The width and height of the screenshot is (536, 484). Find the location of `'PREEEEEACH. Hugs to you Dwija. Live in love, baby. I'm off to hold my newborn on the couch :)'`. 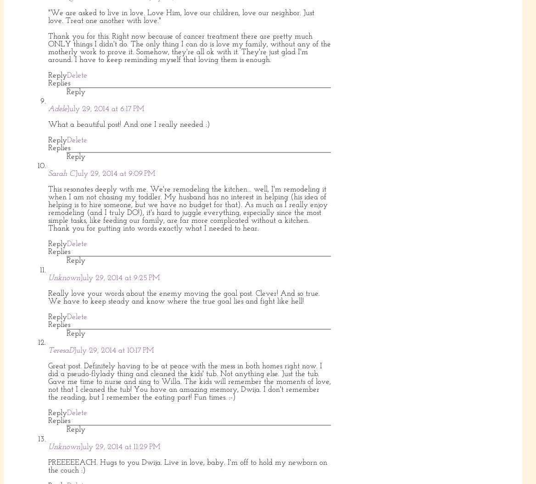

'PREEEEEACH. Hugs to you Dwija. Live in love, baby. I'm off to hold my newborn on the couch :)' is located at coordinates (187, 466).